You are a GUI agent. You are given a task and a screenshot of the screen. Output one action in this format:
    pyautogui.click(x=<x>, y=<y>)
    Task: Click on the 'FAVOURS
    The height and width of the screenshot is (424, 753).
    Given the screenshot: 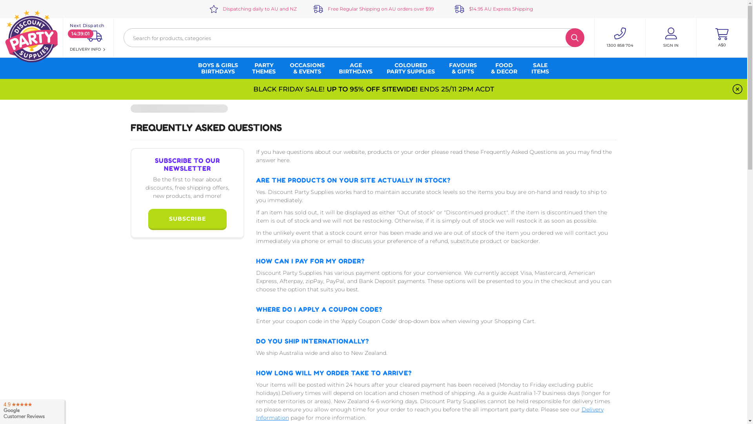 What is the action you would take?
    pyautogui.click(x=463, y=68)
    